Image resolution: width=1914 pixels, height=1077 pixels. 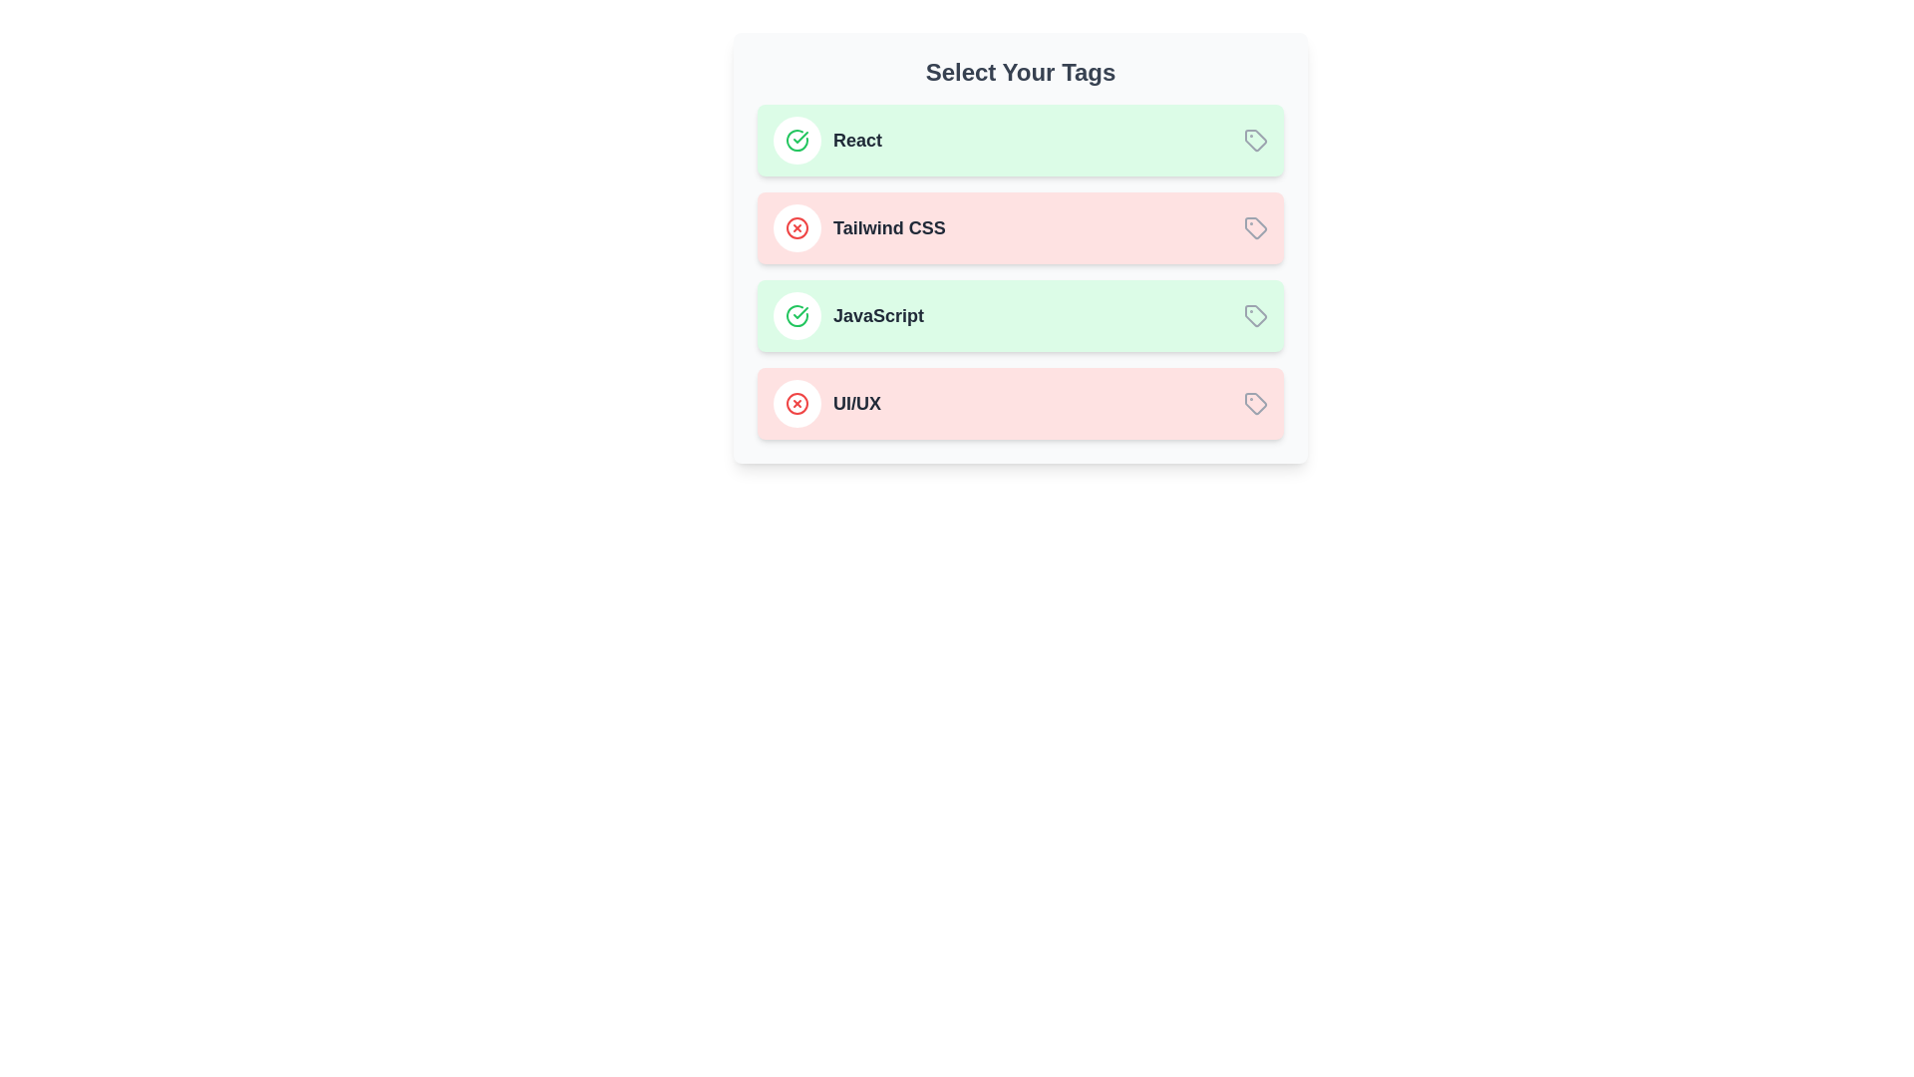 What do you see at coordinates (856, 404) in the screenshot?
I see `the 'UI/UX' text label located in the bottommost rectangular list item, which is centrally aligned and positioned towards the right side after a circular icon and near a graphical tag icon` at bounding box center [856, 404].